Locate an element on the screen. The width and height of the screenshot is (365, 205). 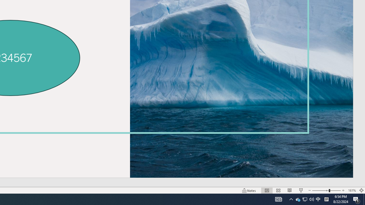
'Zoom 161%' is located at coordinates (352, 190).